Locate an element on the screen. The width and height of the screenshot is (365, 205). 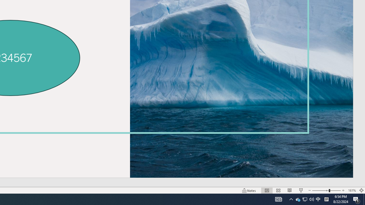
'Zoom 161%' is located at coordinates (352, 190).